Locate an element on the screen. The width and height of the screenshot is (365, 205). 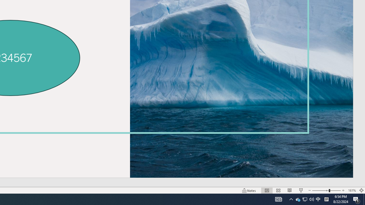
'Zoom 161%' is located at coordinates (352, 190).